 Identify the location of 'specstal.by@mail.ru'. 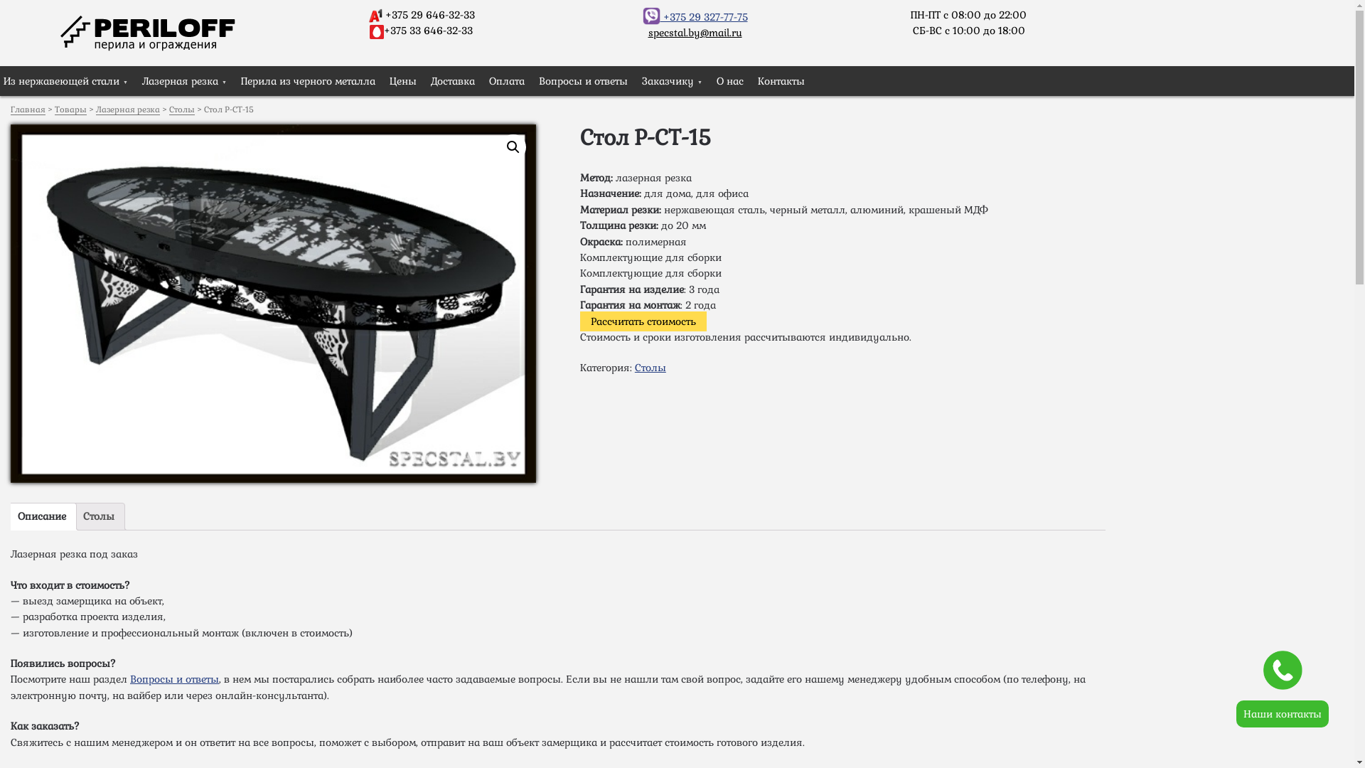
(695, 32).